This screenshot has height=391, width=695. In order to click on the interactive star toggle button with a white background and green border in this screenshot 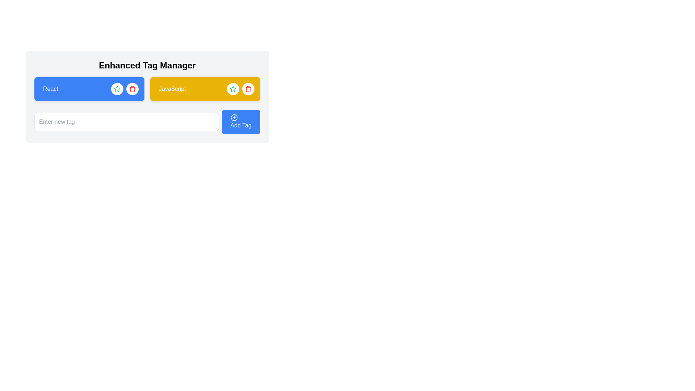, I will do `click(233, 89)`.